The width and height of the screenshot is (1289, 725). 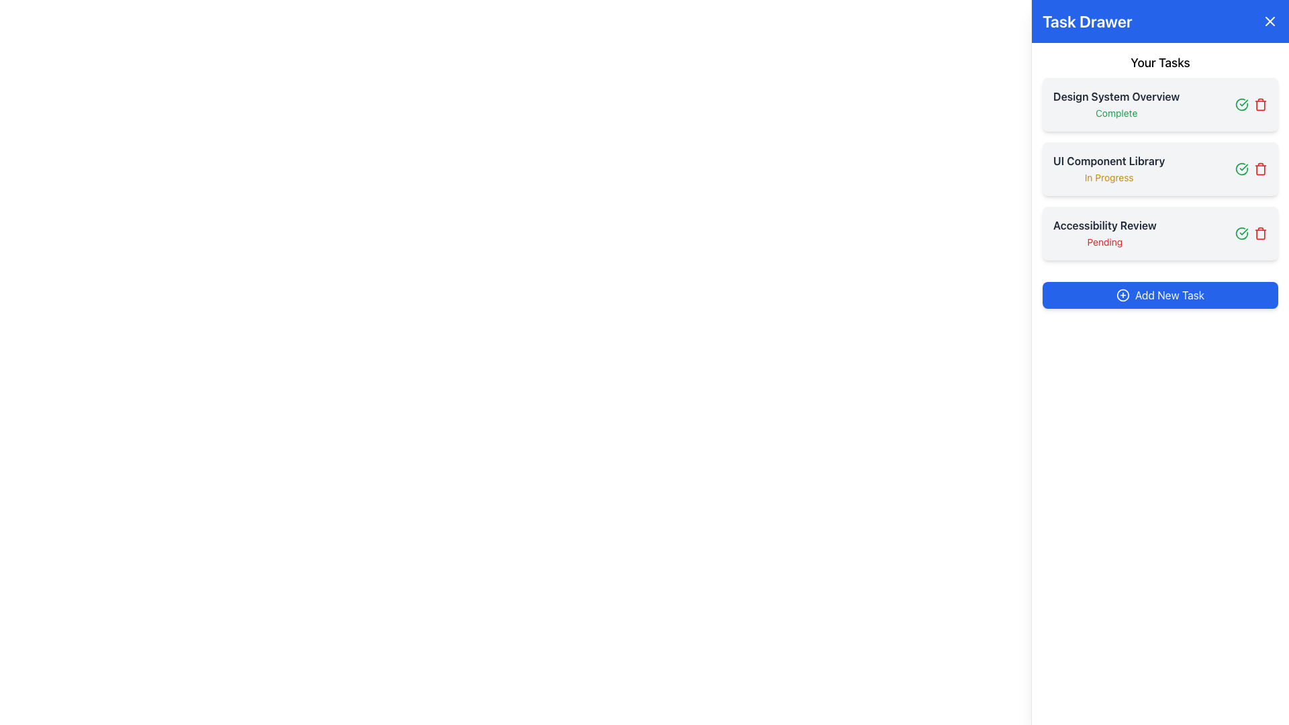 I want to click on the task item titled 'Accessibility Review' with the status 'Pending' in the Task Drawer panel, so click(x=1104, y=232).